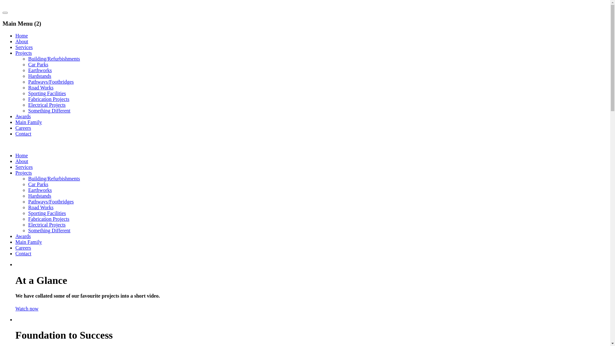  Describe the element at coordinates (50, 201) in the screenshot. I see `'Pathways/Footbridges'` at that location.